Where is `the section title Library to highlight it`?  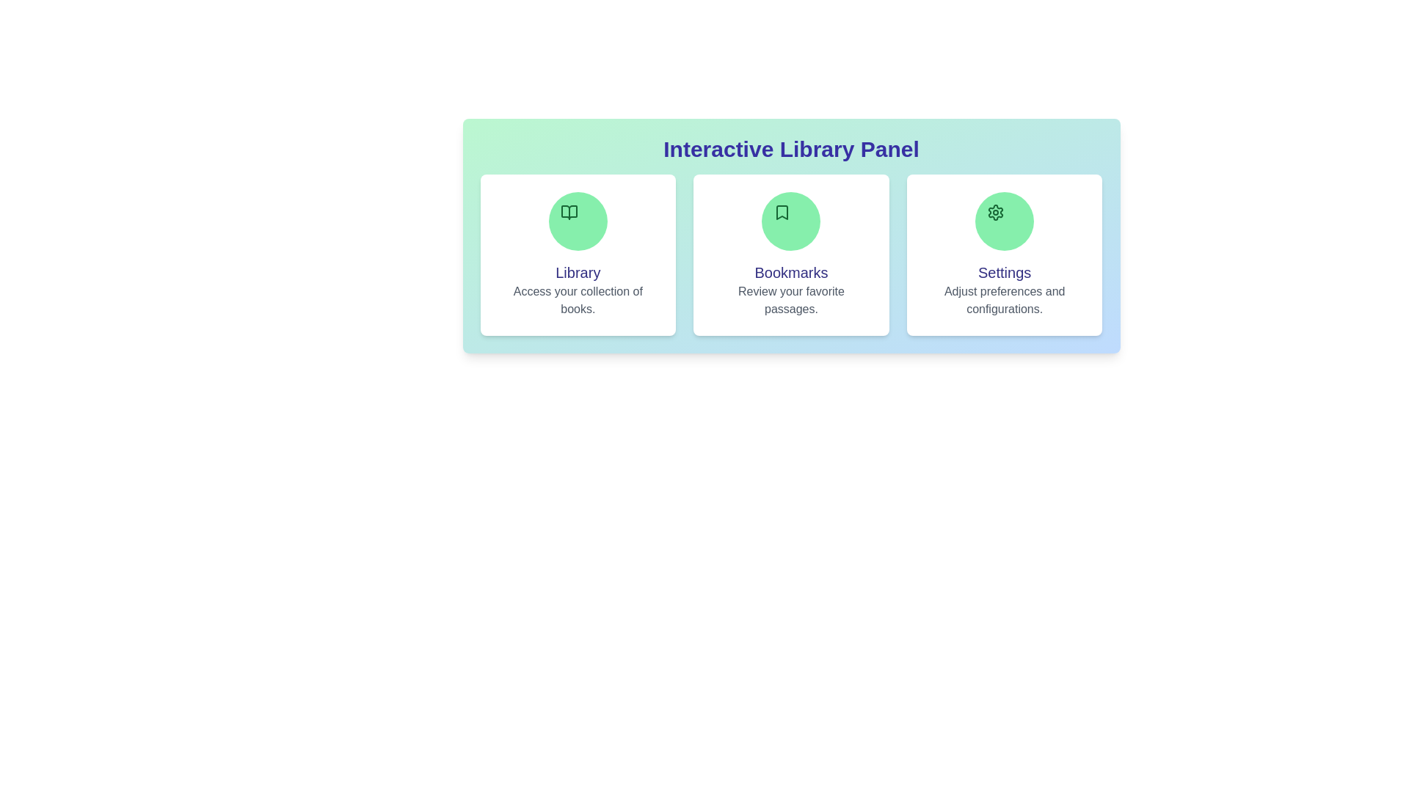 the section title Library to highlight it is located at coordinates (577, 272).